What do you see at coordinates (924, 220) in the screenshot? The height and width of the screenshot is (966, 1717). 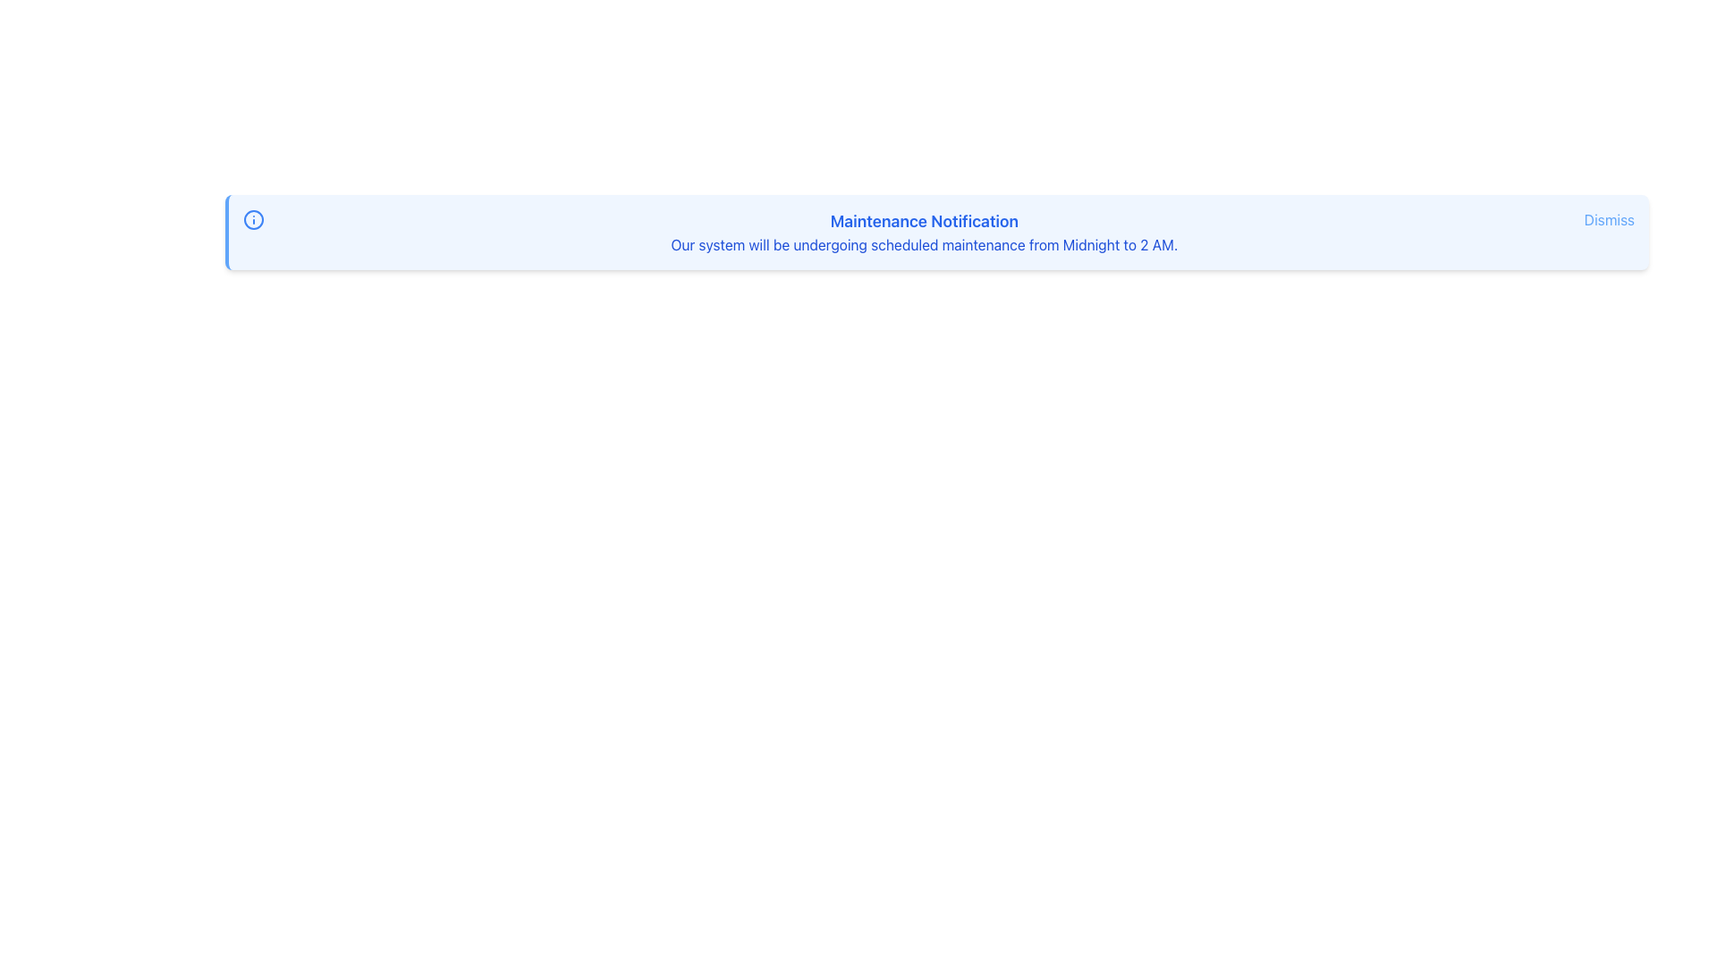 I see `the title text of the notification about system maintenance, which is centrally positioned at the top of the notification box` at bounding box center [924, 220].